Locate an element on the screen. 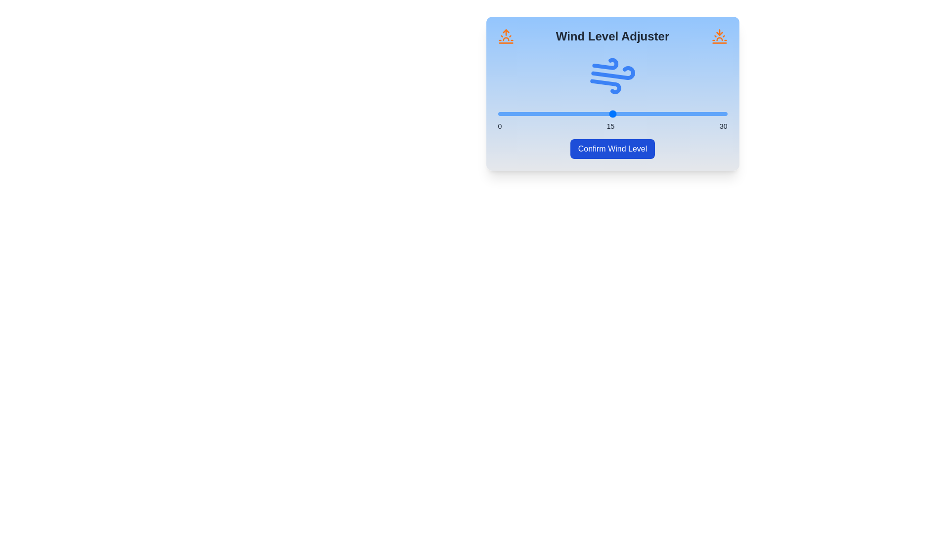 The height and width of the screenshot is (533, 949). the wind level to 3 by moving the slider is located at coordinates (520, 114).